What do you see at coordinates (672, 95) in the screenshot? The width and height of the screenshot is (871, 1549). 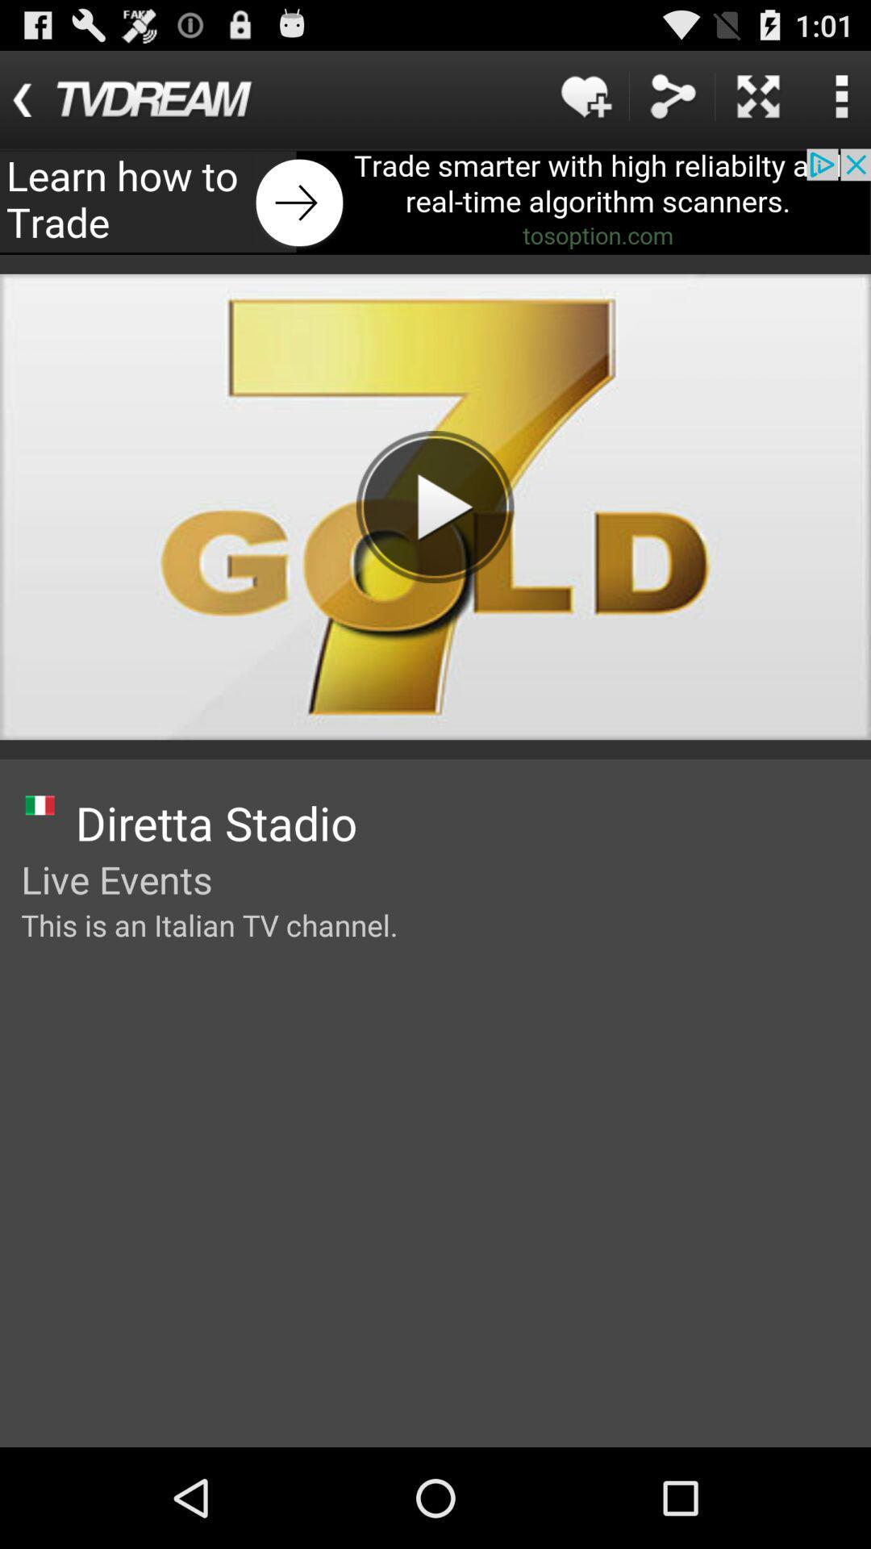 I see `one or more connection` at bounding box center [672, 95].